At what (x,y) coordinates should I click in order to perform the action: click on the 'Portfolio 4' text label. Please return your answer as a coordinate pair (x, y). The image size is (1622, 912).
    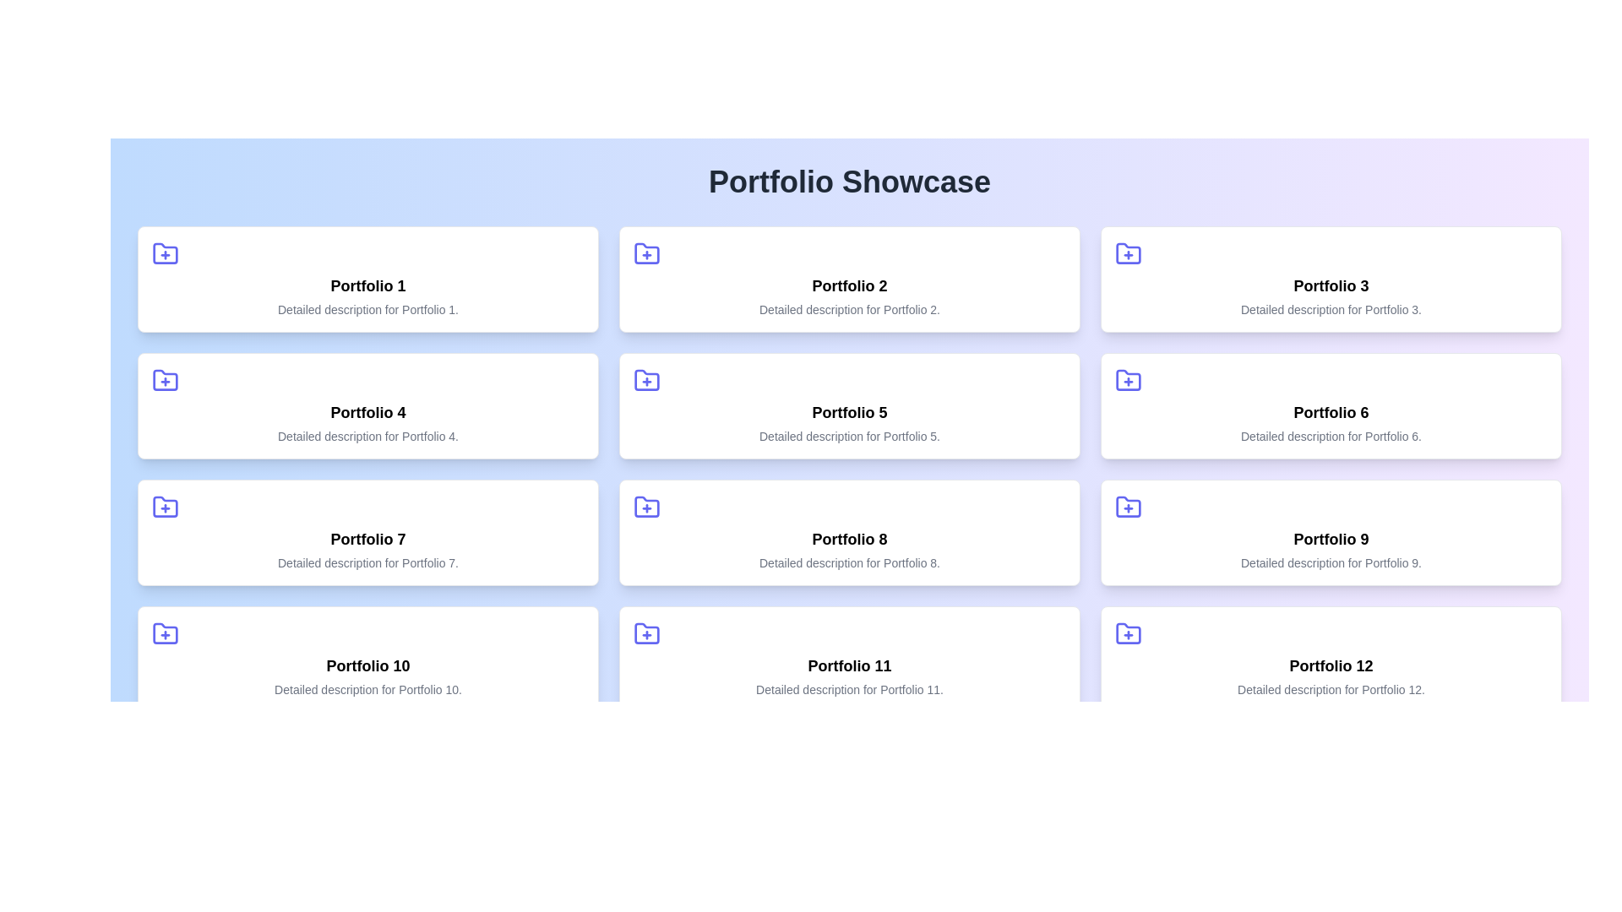
    Looking at the image, I should click on (367, 413).